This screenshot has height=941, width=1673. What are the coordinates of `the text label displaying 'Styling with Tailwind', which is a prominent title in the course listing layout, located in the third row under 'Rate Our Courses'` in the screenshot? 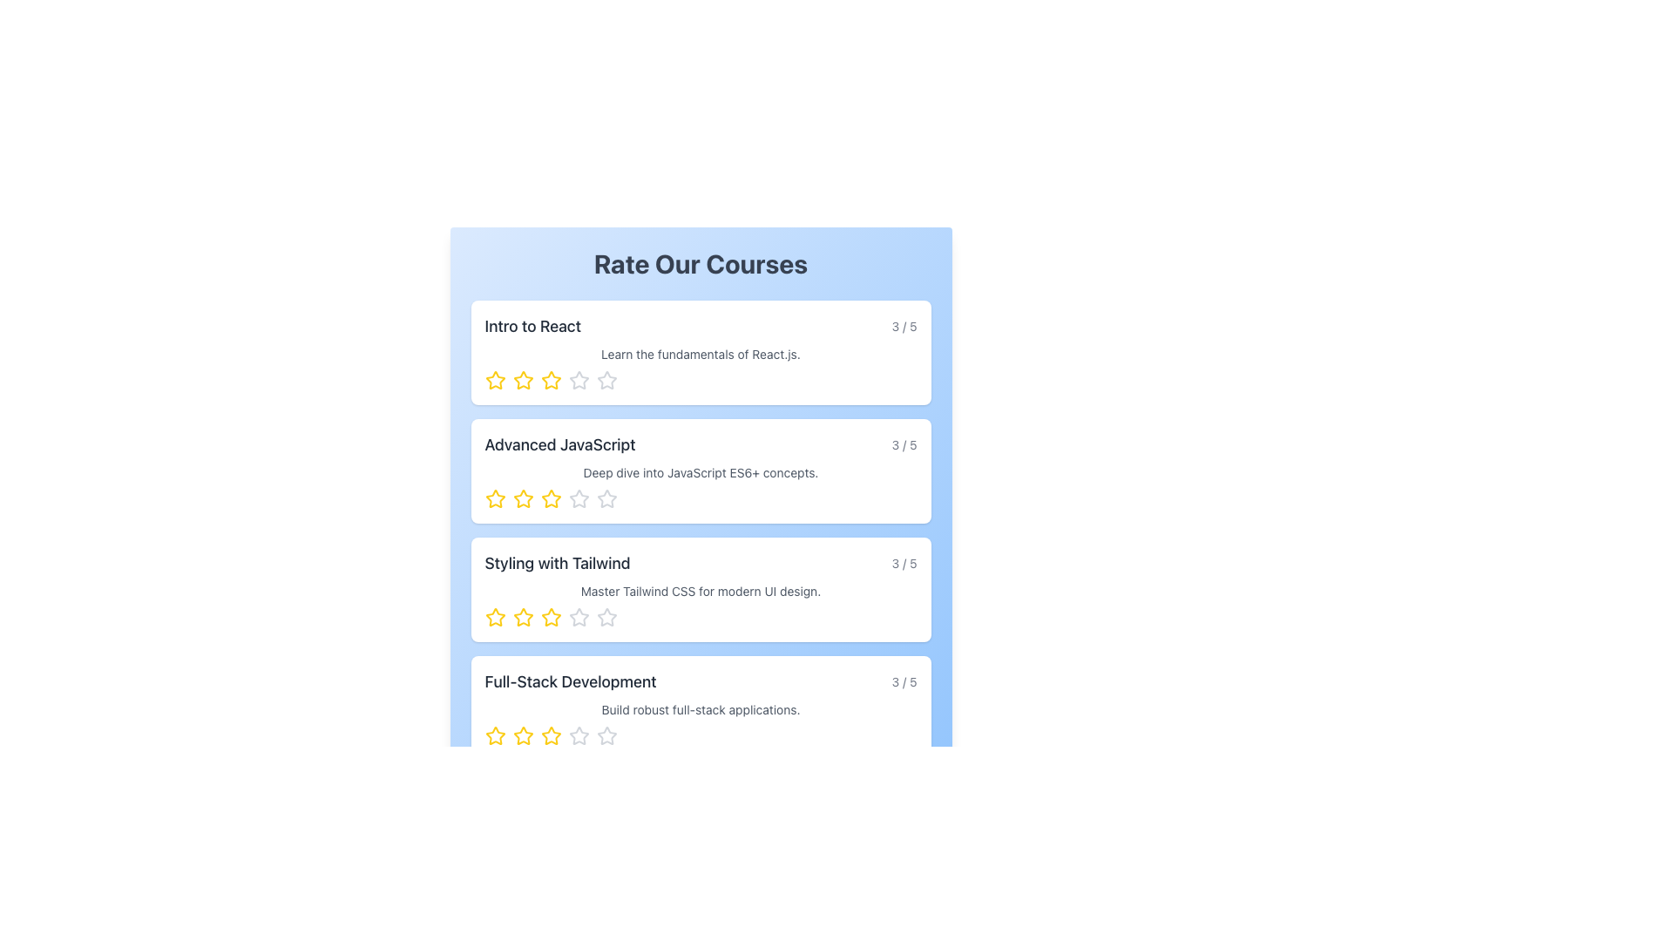 It's located at (556, 564).